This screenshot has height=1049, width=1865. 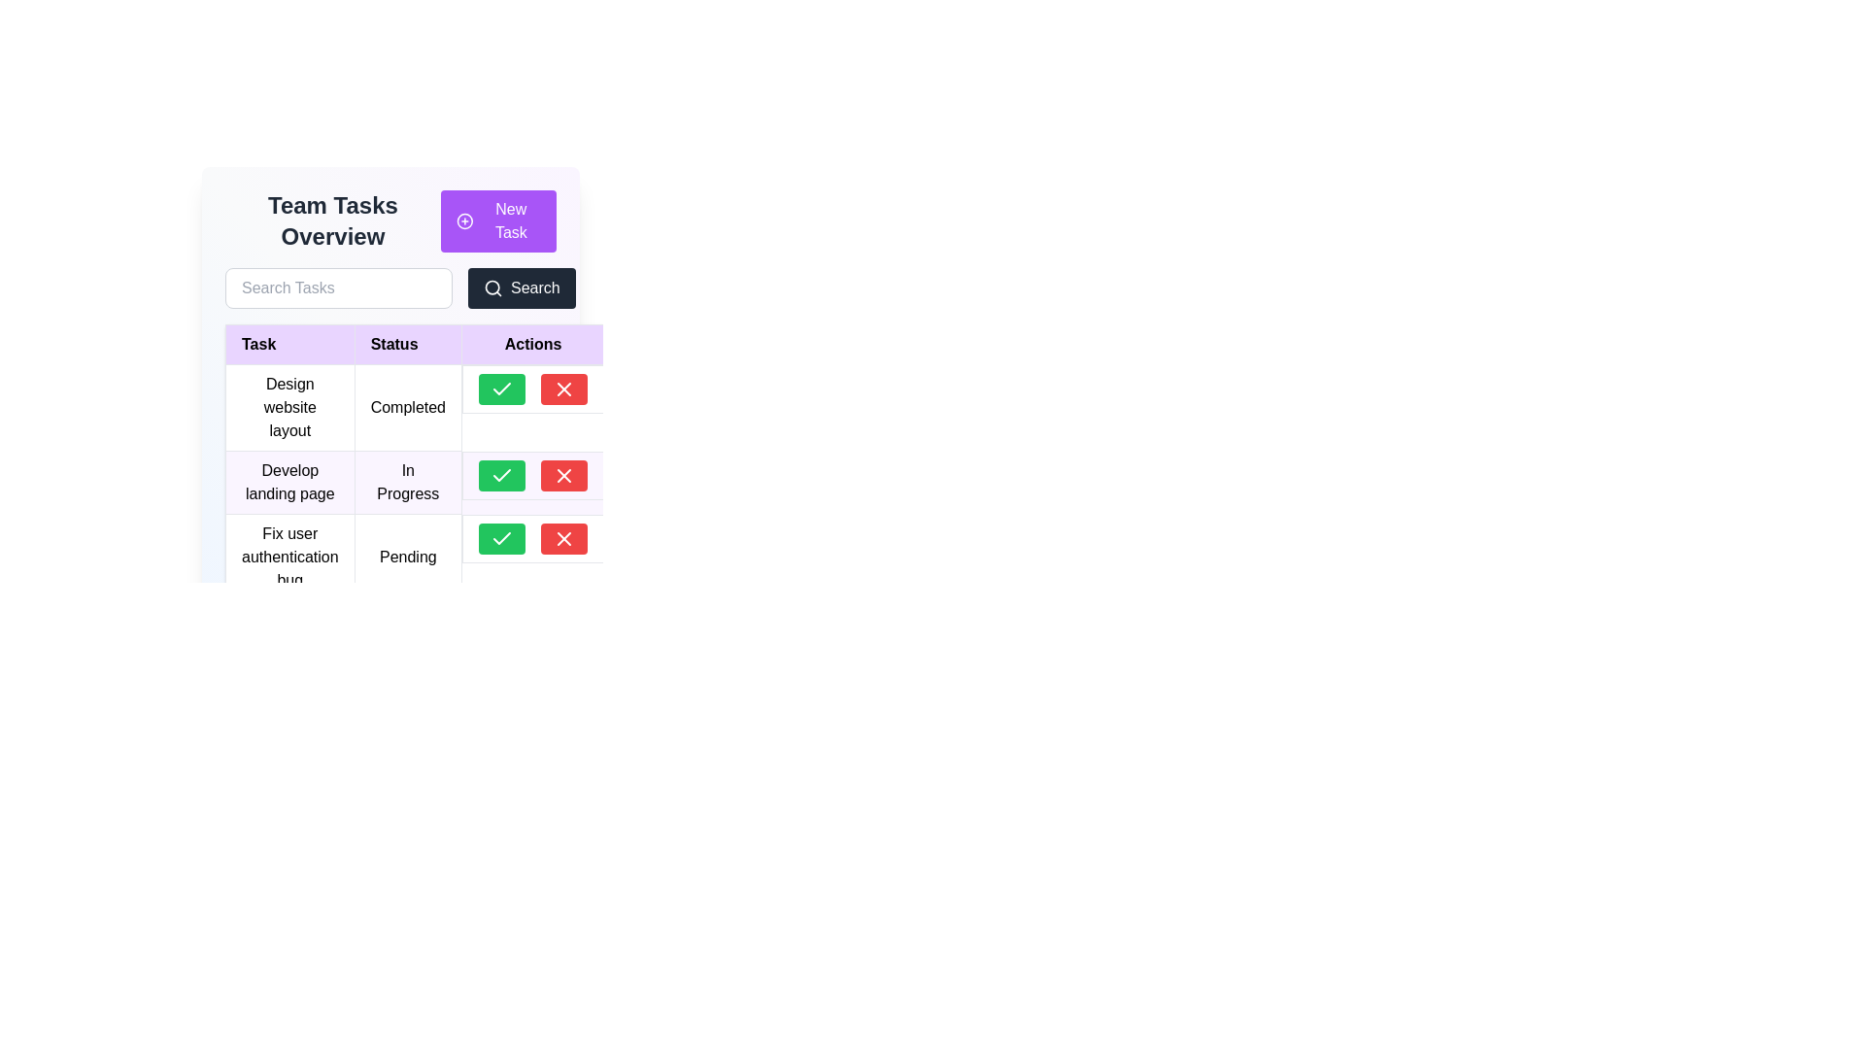 What do you see at coordinates (562, 389) in the screenshot?
I see `the delete or close icon button located in the 'Actions' column of the table for the task 'Design website layout', positioned at the far right of its row, next to a green checkmark icon` at bounding box center [562, 389].